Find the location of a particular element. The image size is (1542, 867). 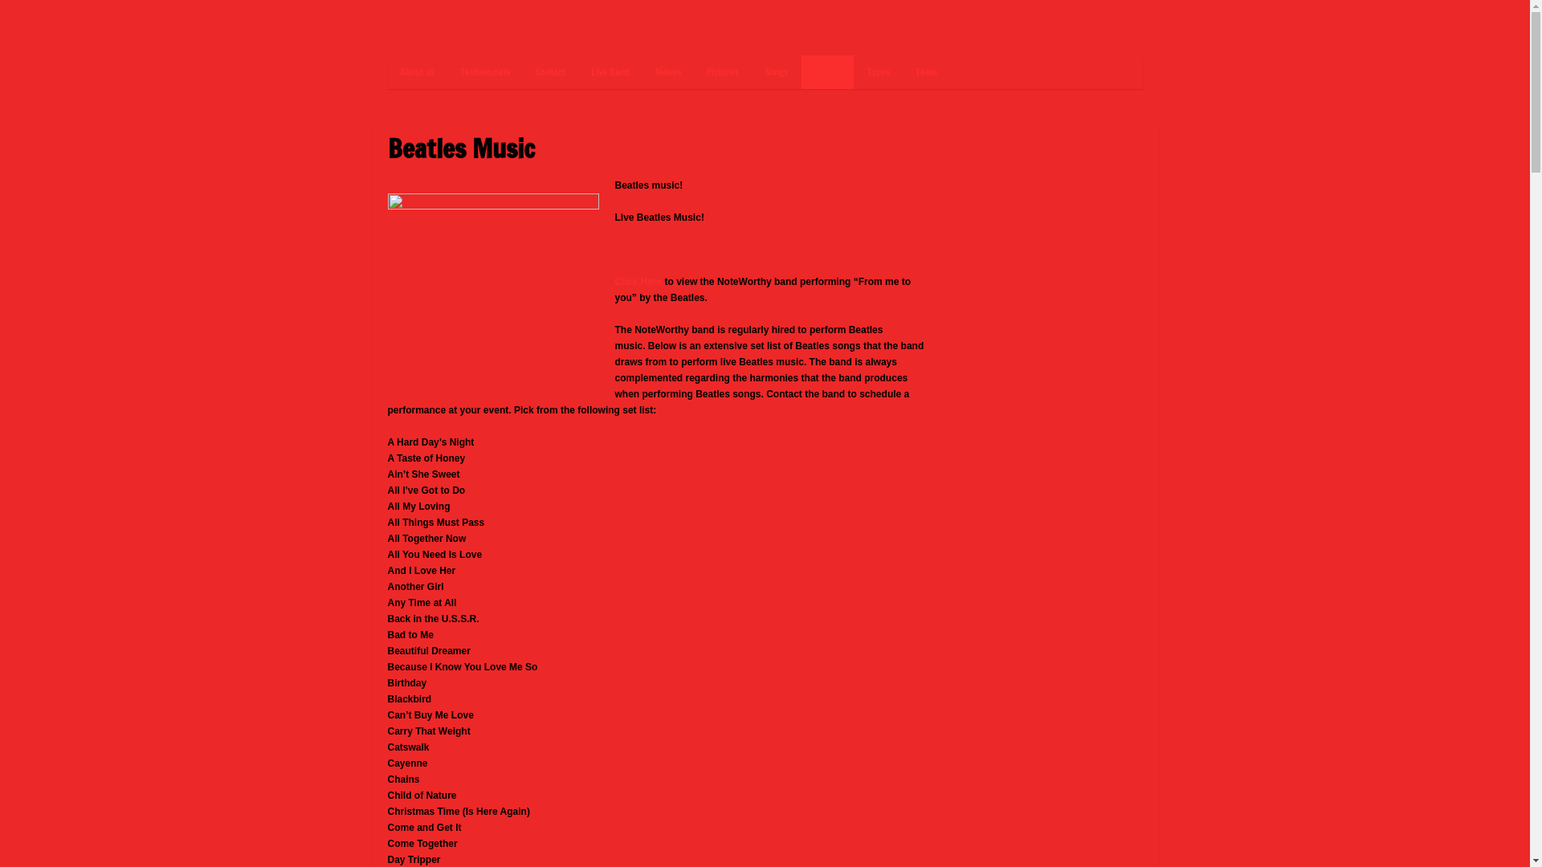

'Videos' is located at coordinates (667, 71).